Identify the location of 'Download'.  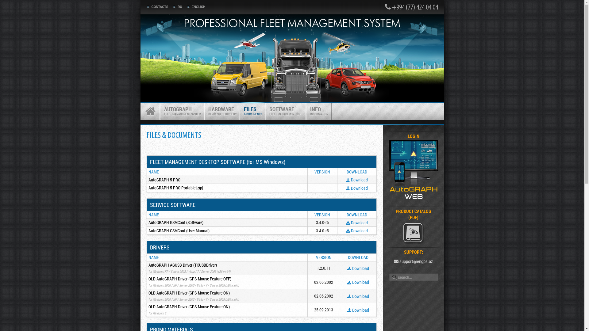
(357, 179).